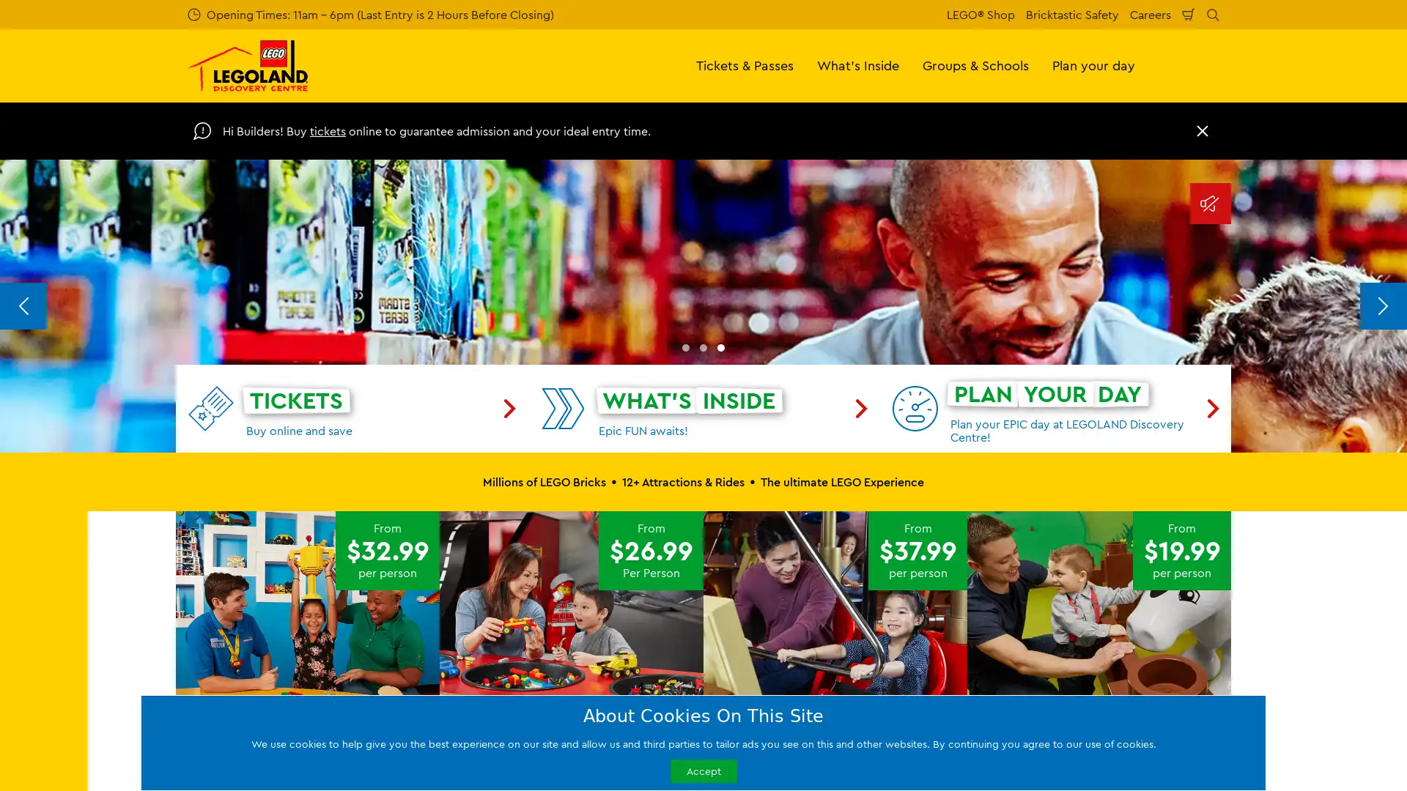 This screenshot has height=791, width=1407. Describe the element at coordinates (858, 64) in the screenshot. I see `What's Inside` at that location.